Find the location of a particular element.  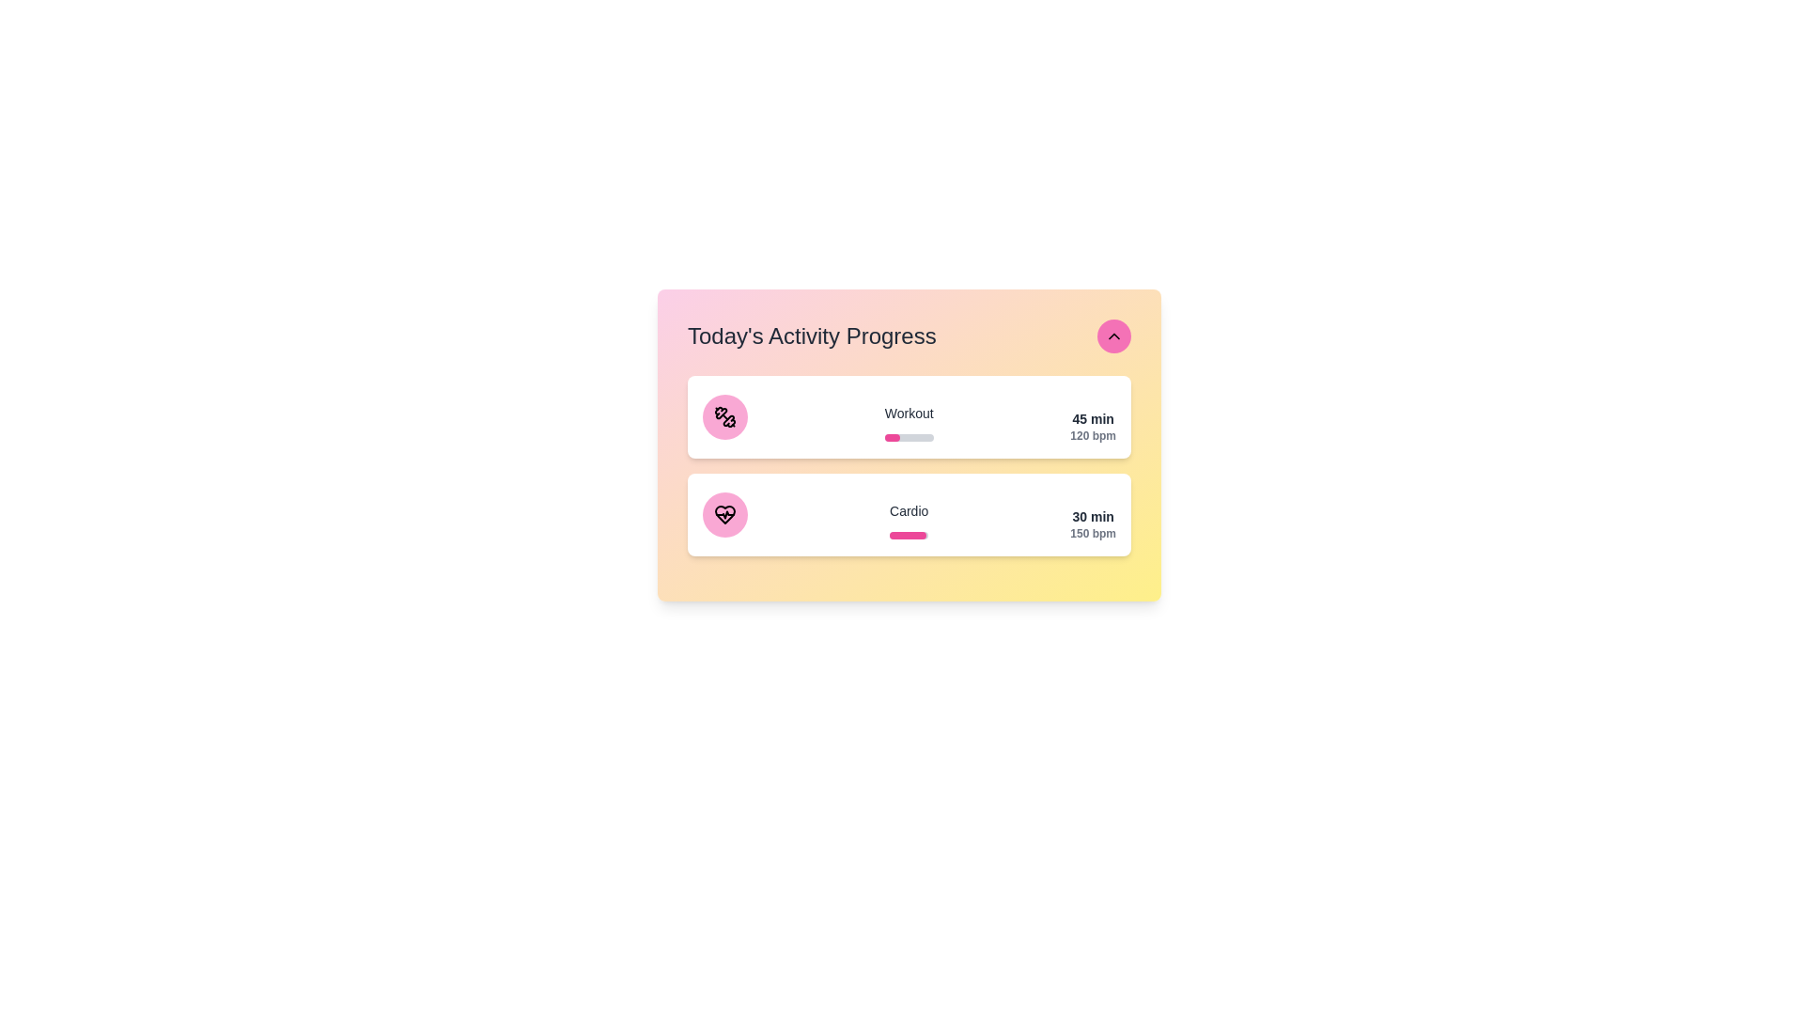

the text label displaying '30 min', which is styled in bold medium gray font and positioned above '150 bpm' in the right section of the second card is located at coordinates (1093, 517).